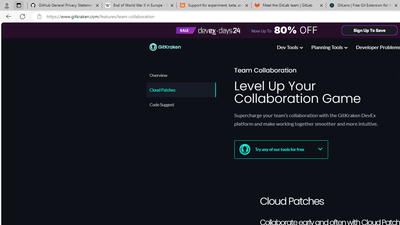  Describe the element at coordinates (181, 90) in the screenshot. I see `'Cloud Patches'` at that location.